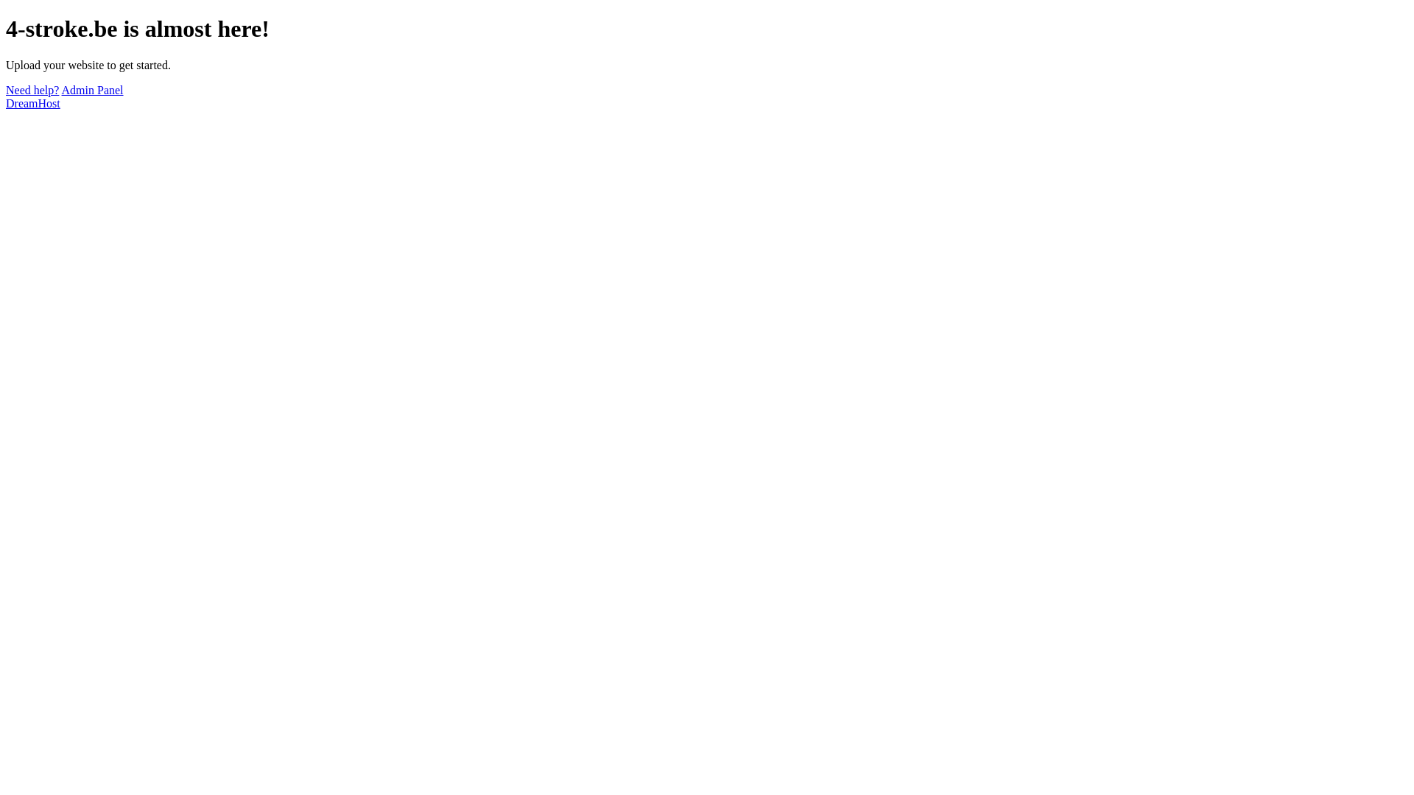  What do you see at coordinates (32, 90) in the screenshot?
I see `'Need help?'` at bounding box center [32, 90].